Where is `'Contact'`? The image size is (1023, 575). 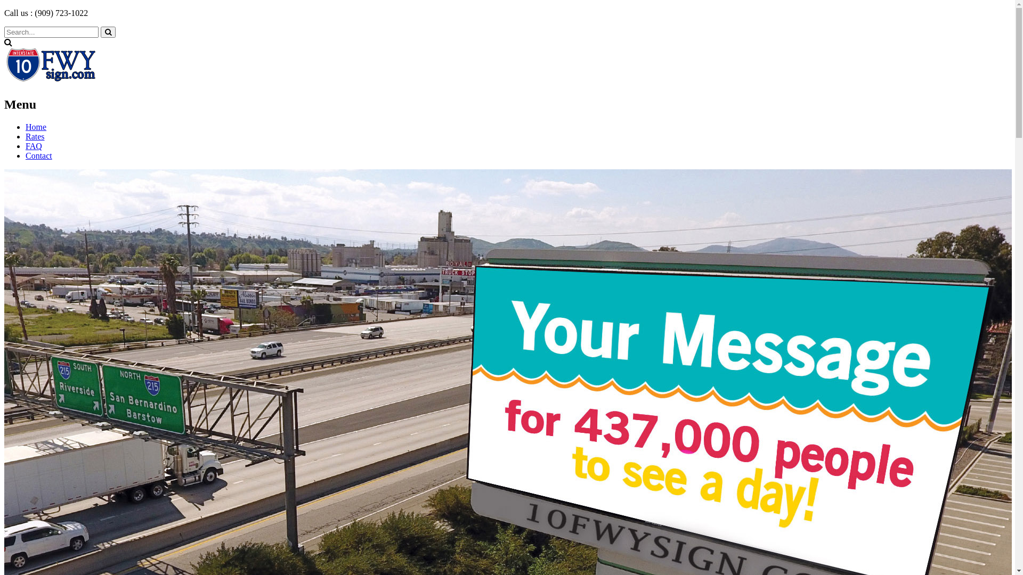 'Contact' is located at coordinates (38, 155).